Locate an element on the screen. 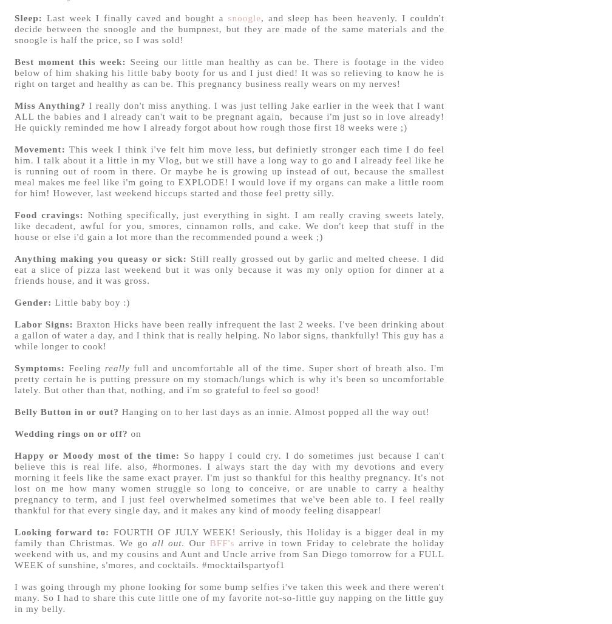 This screenshot has height=624, width=612. 'Best moment this week:' is located at coordinates (72, 60).